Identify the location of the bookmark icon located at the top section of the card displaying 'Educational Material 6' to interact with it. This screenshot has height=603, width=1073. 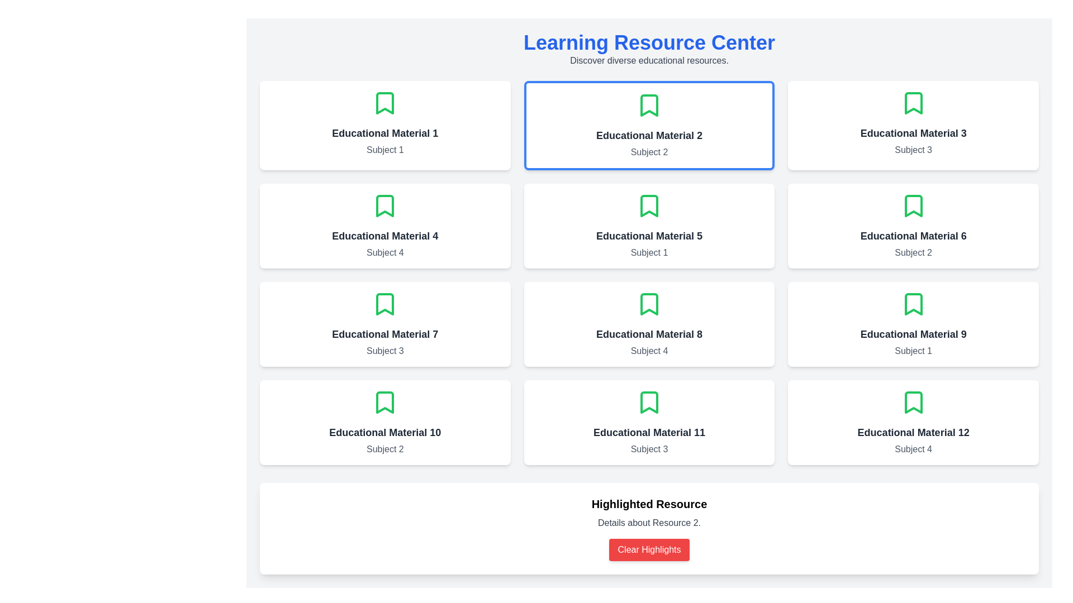
(913, 206).